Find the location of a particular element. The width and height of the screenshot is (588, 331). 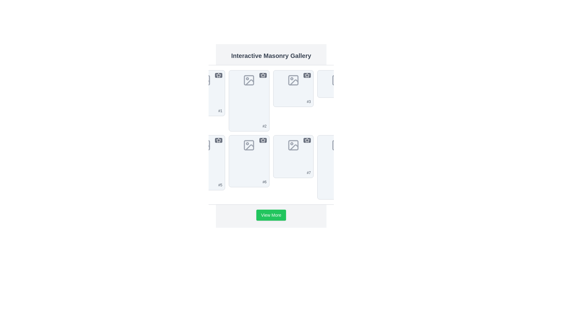

the star-shaped icon with a hollow interior located in the top-right corner of gallery card '#7' is located at coordinates (307, 140).